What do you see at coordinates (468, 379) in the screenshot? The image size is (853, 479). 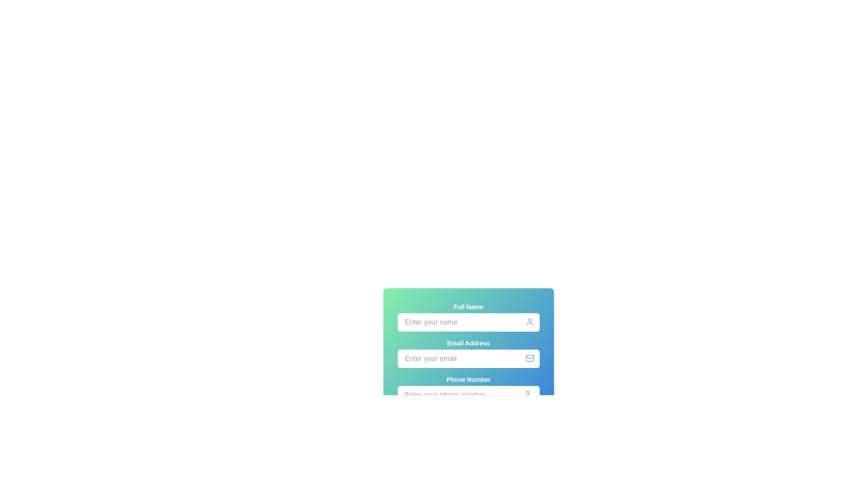 I see `the 'Phone Number' label, which is styled with bold white text on a gradient blue-green background, located below the 'Full Name' and 'Email Address' labels in a vertically-stacked form layout` at bounding box center [468, 379].